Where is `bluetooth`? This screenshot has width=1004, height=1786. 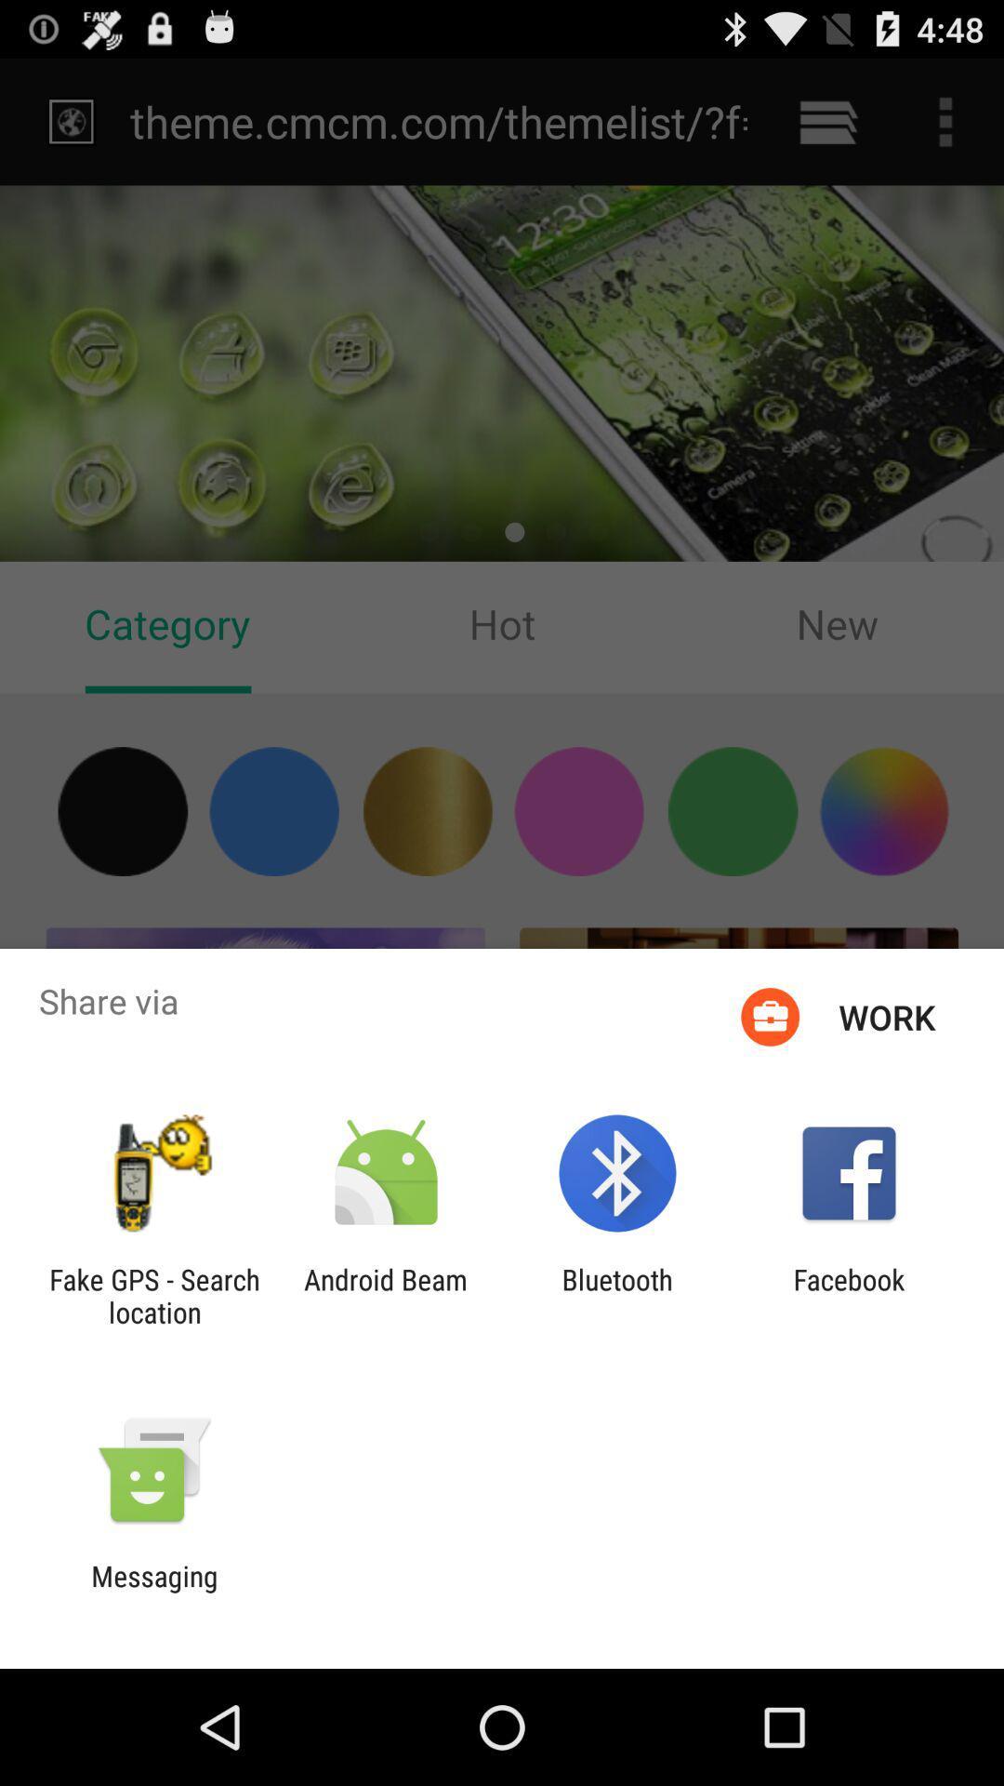
bluetooth is located at coordinates (617, 1295).